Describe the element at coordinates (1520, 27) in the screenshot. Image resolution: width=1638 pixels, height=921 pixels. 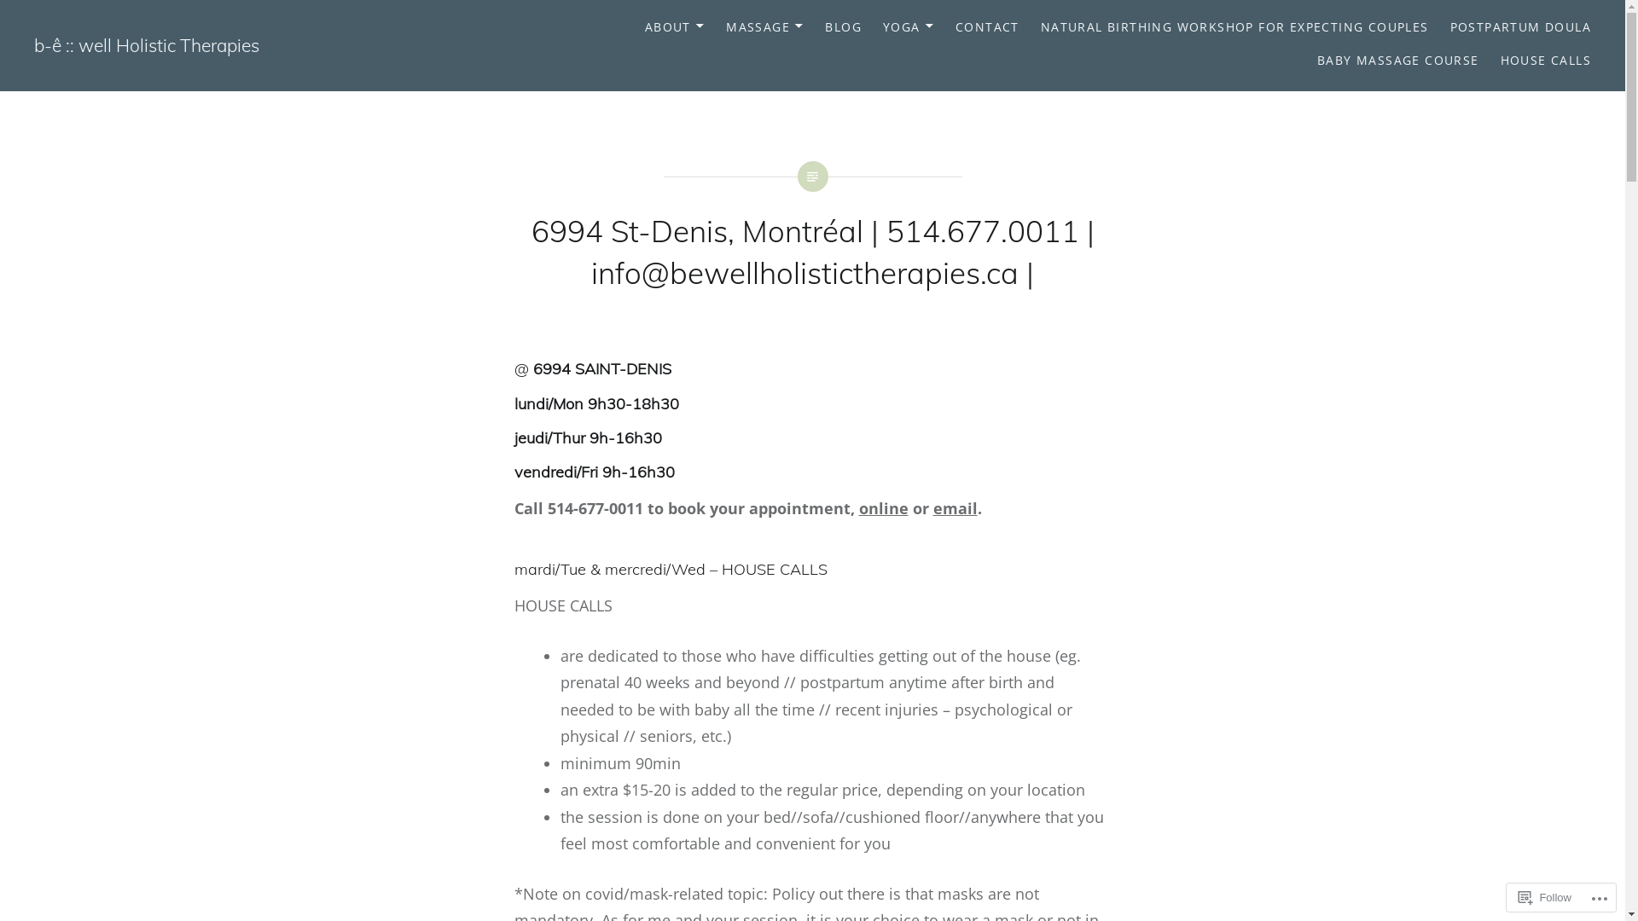
I see `'POSTPARTUM DOULA'` at that location.